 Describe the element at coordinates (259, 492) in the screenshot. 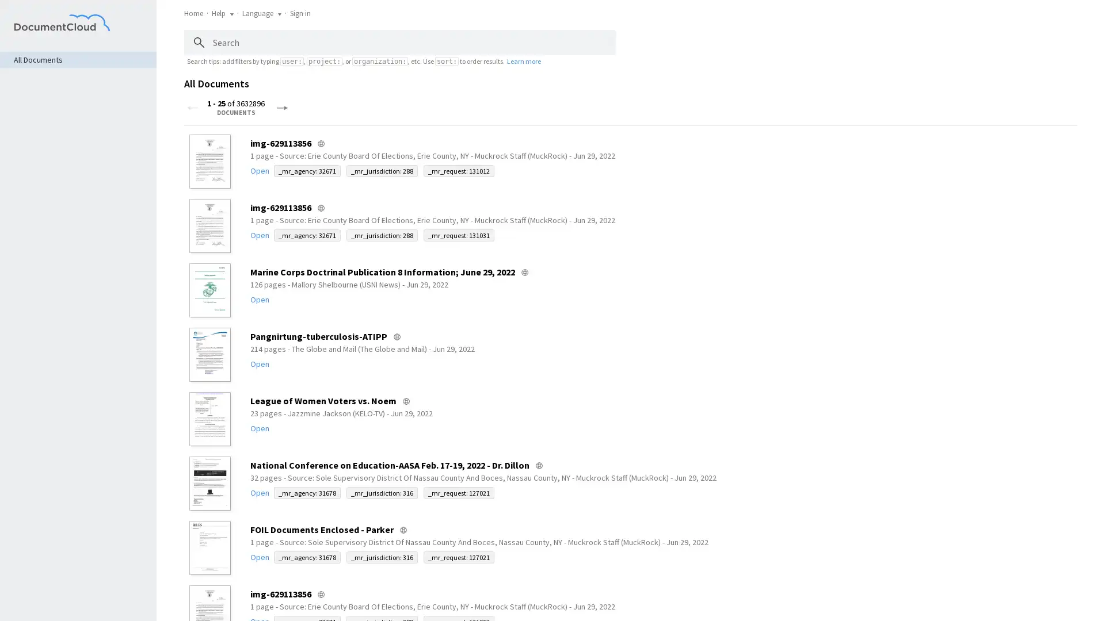

I see `Open` at that location.